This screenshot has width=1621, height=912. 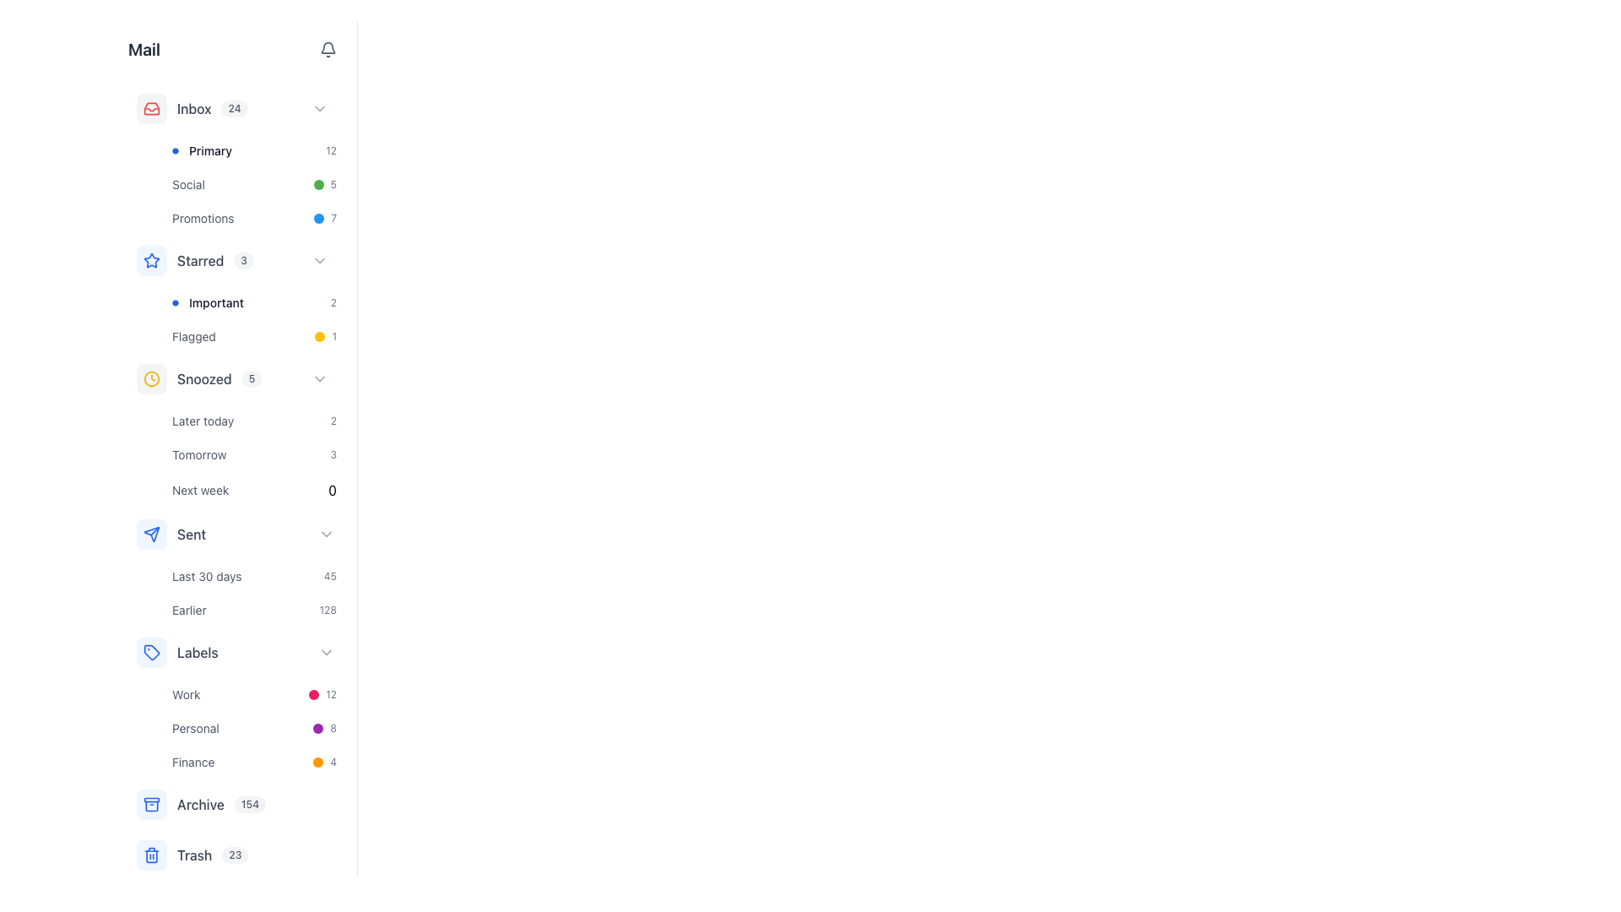 What do you see at coordinates (253, 491) in the screenshot?
I see `the list item labeled 'Next week'` at bounding box center [253, 491].